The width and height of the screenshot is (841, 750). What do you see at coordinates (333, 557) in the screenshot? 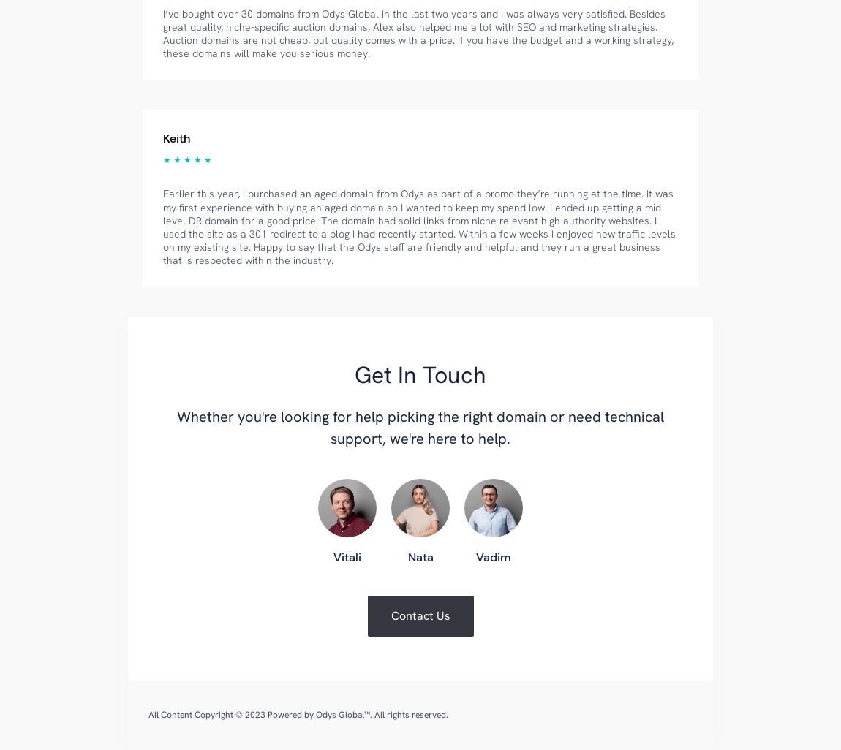
I see `'Vitali'` at bounding box center [333, 557].